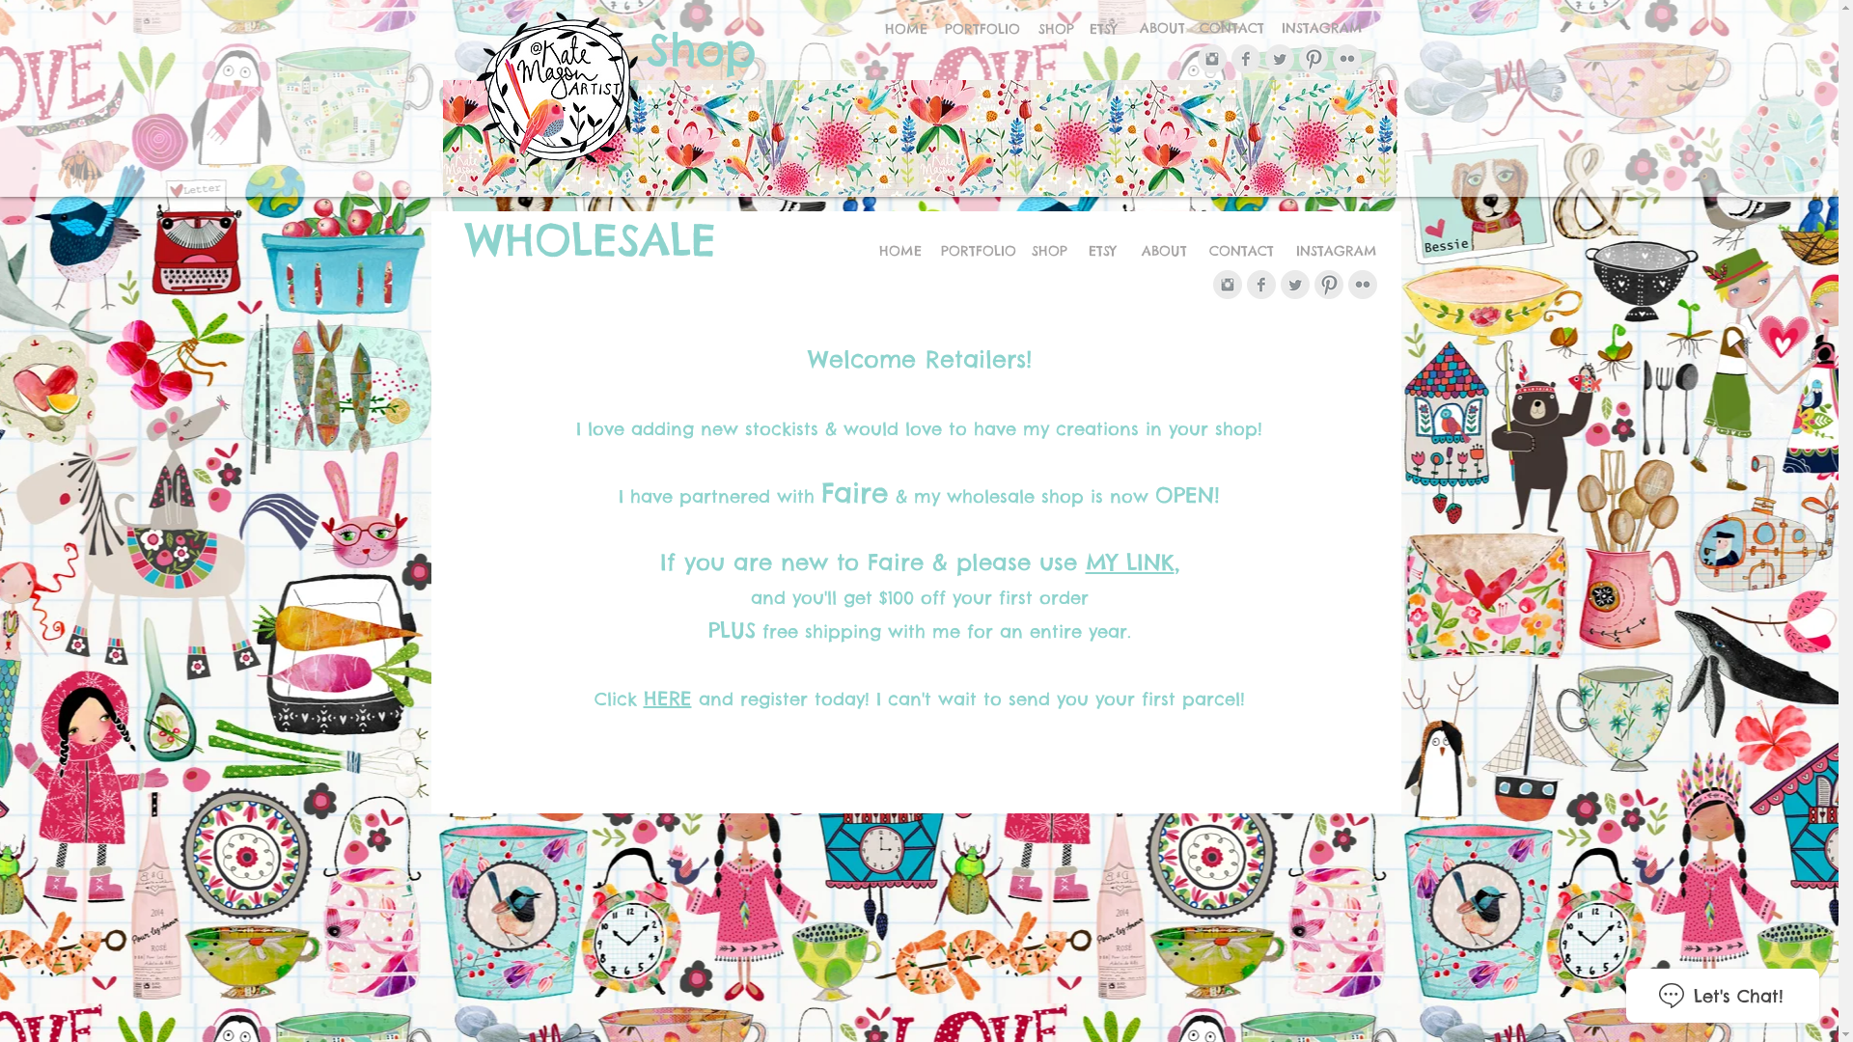 The height and width of the screenshot is (1042, 1853). I want to click on 'ABOUT', so click(1162, 251).